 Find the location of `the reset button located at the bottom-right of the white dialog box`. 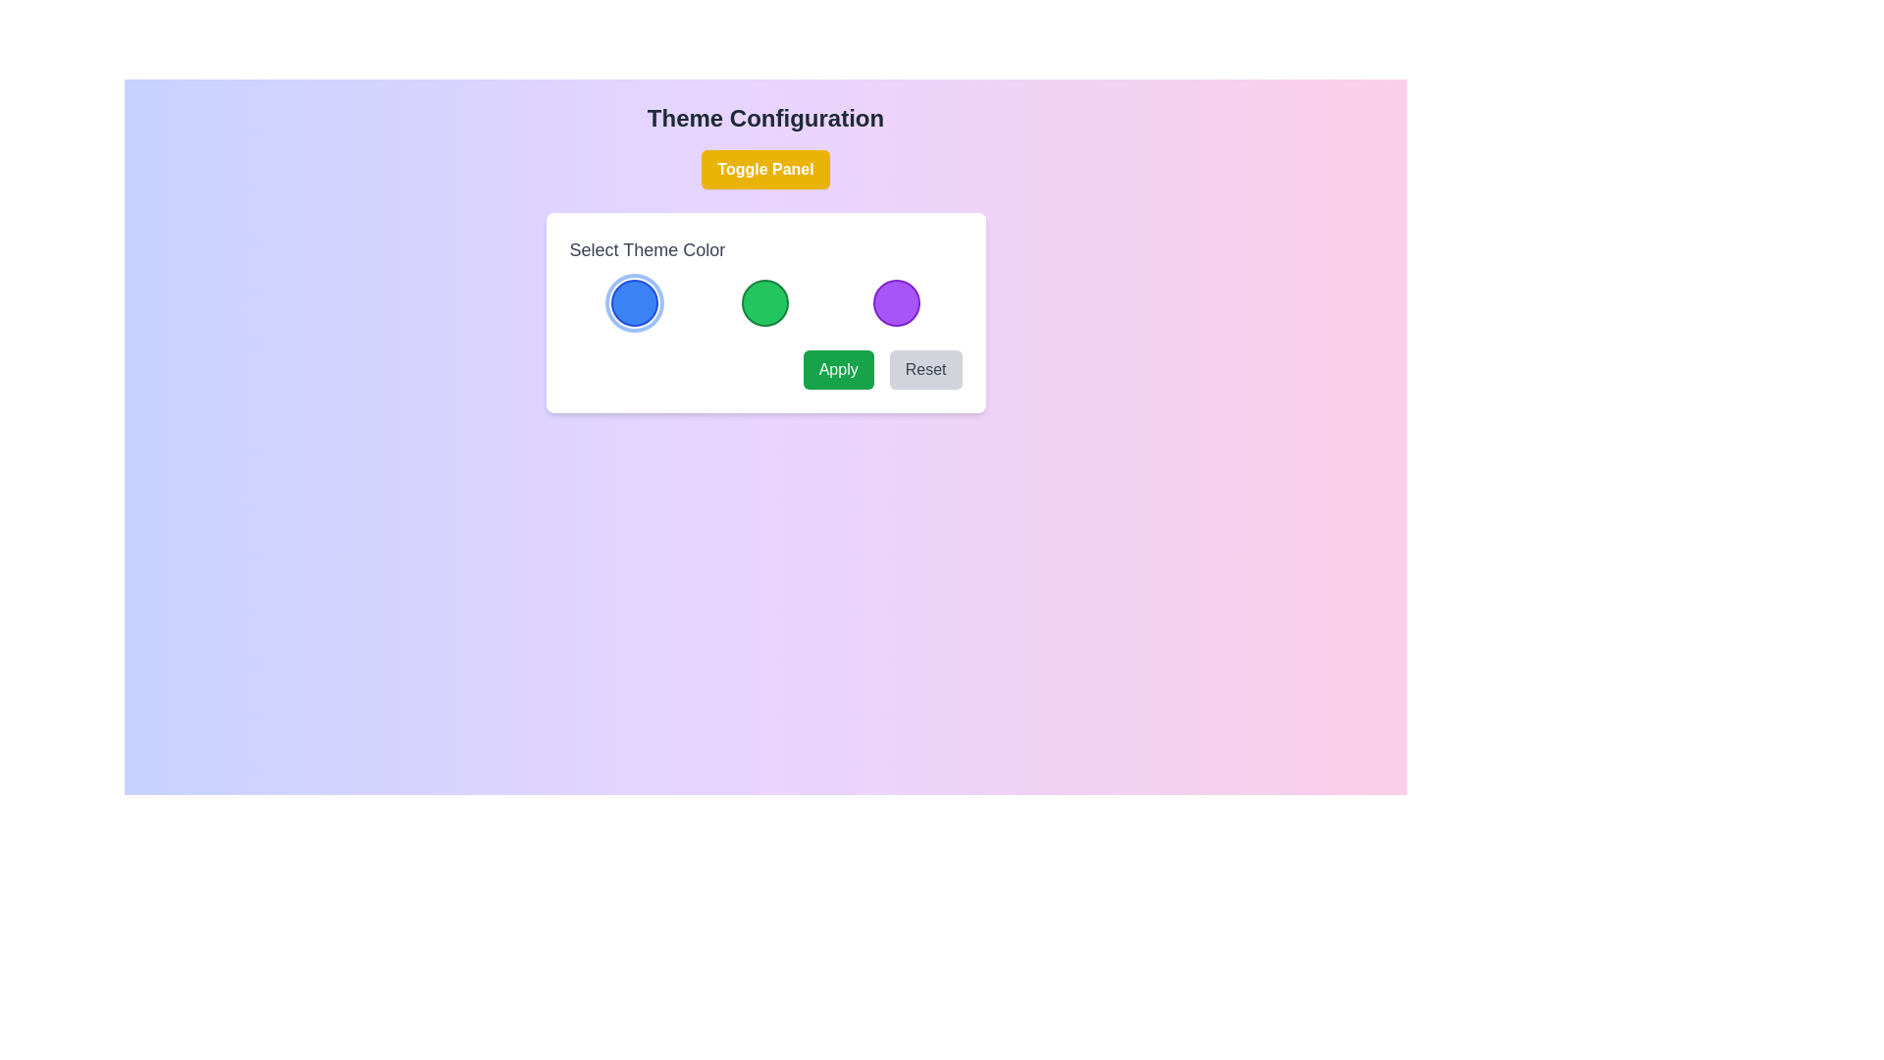

the reset button located at the bottom-right of the white dialog box is located at coordinates (924, 370).